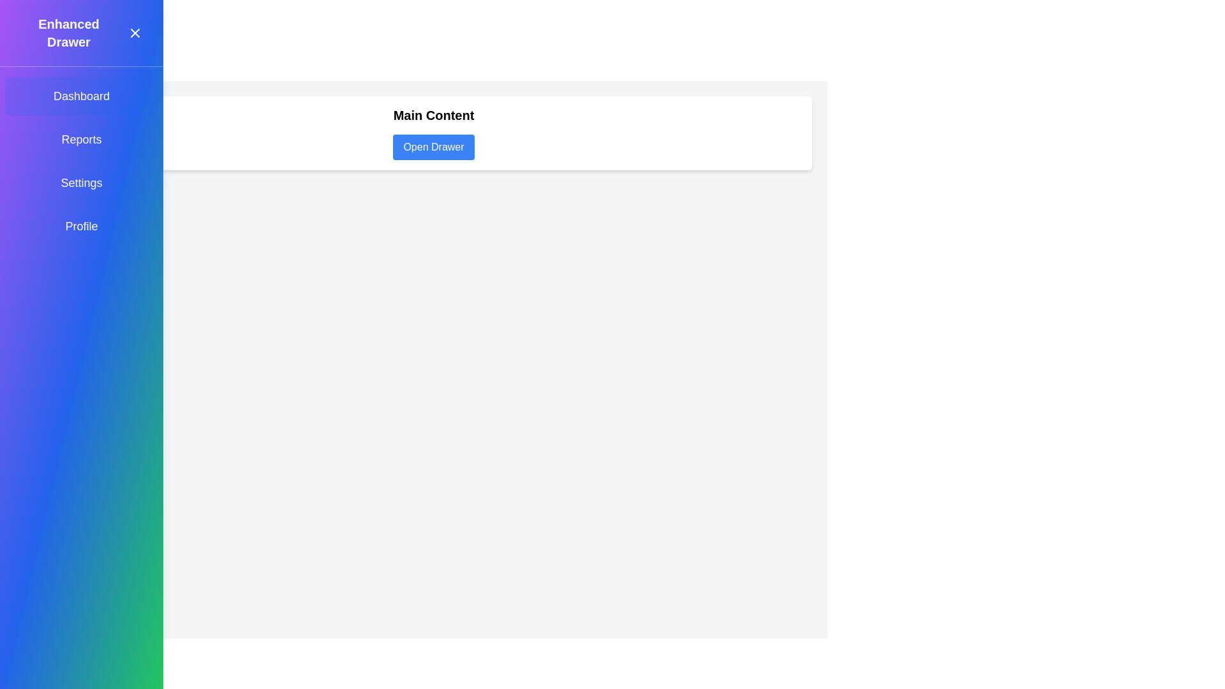 The width and height of the screenshot is (1225, 689). What do you see at coordinates (81, 182) in the screenshot?
I see `the menu item Settings from the drawer` at bounding box center [81, 182].